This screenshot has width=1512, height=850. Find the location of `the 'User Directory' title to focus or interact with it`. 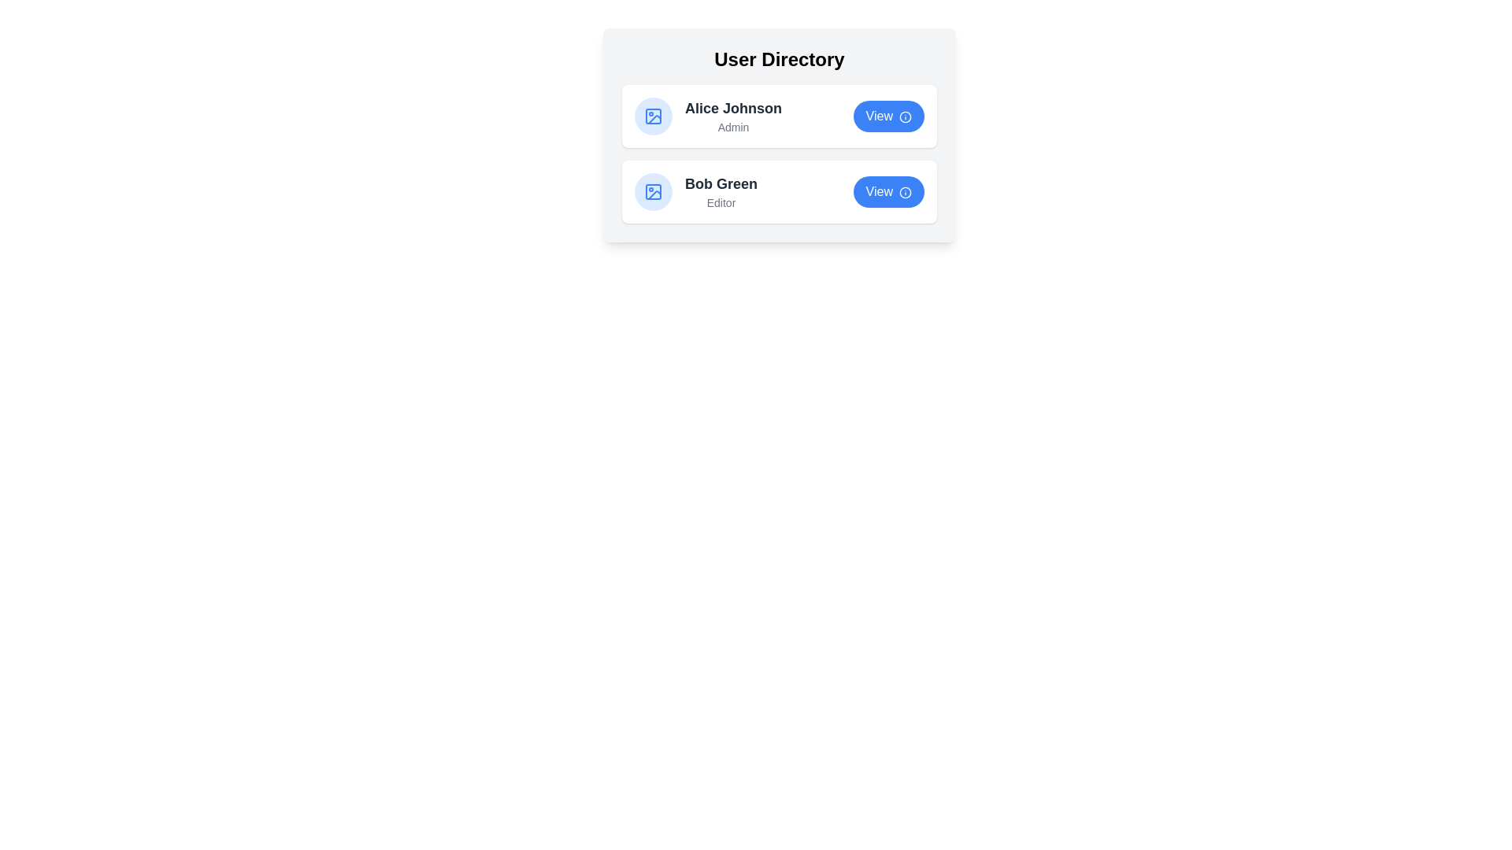

the 'User Directory' title to focus or interact with it is located at coordinates (779, 59).